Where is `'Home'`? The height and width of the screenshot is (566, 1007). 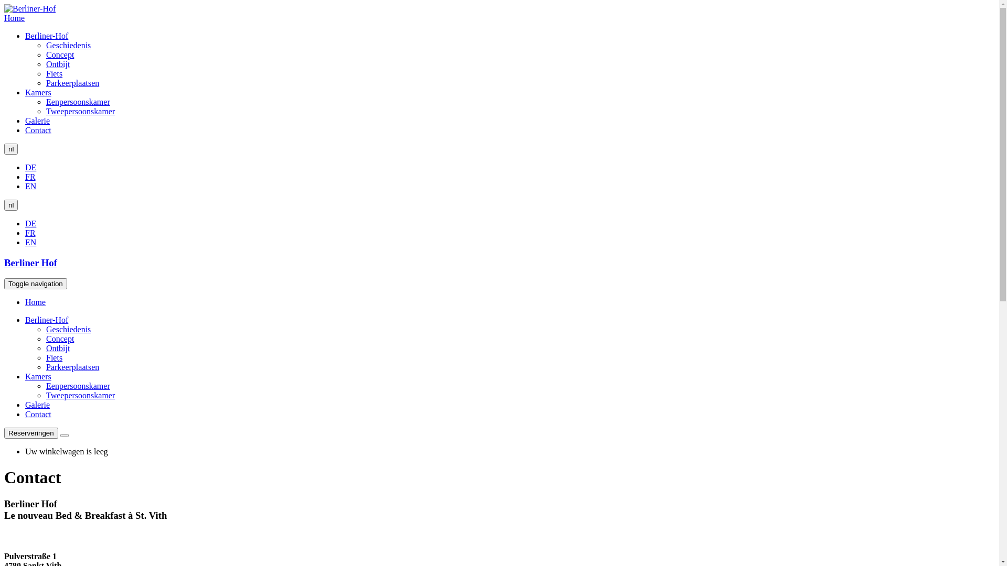 'Home' is located at coordinates (14, 18).